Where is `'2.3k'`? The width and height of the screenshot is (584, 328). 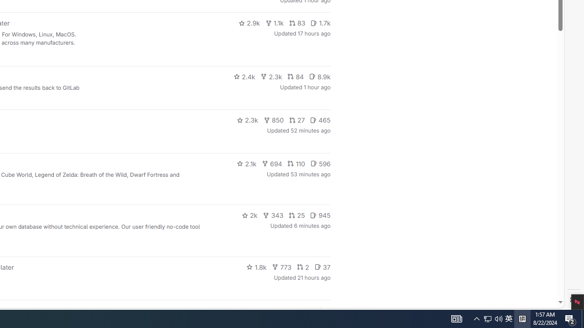
'2.3k' is located at coordinates (247, 119).